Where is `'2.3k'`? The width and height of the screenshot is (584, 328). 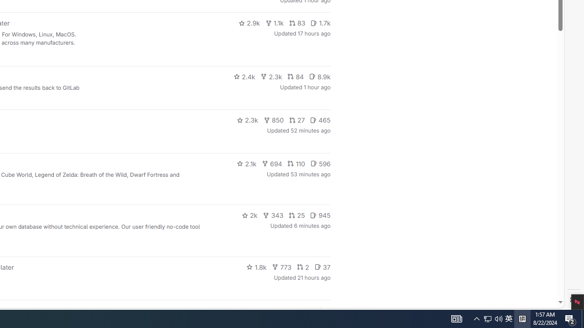
'2.3k' is located at coordinates (247, 119).